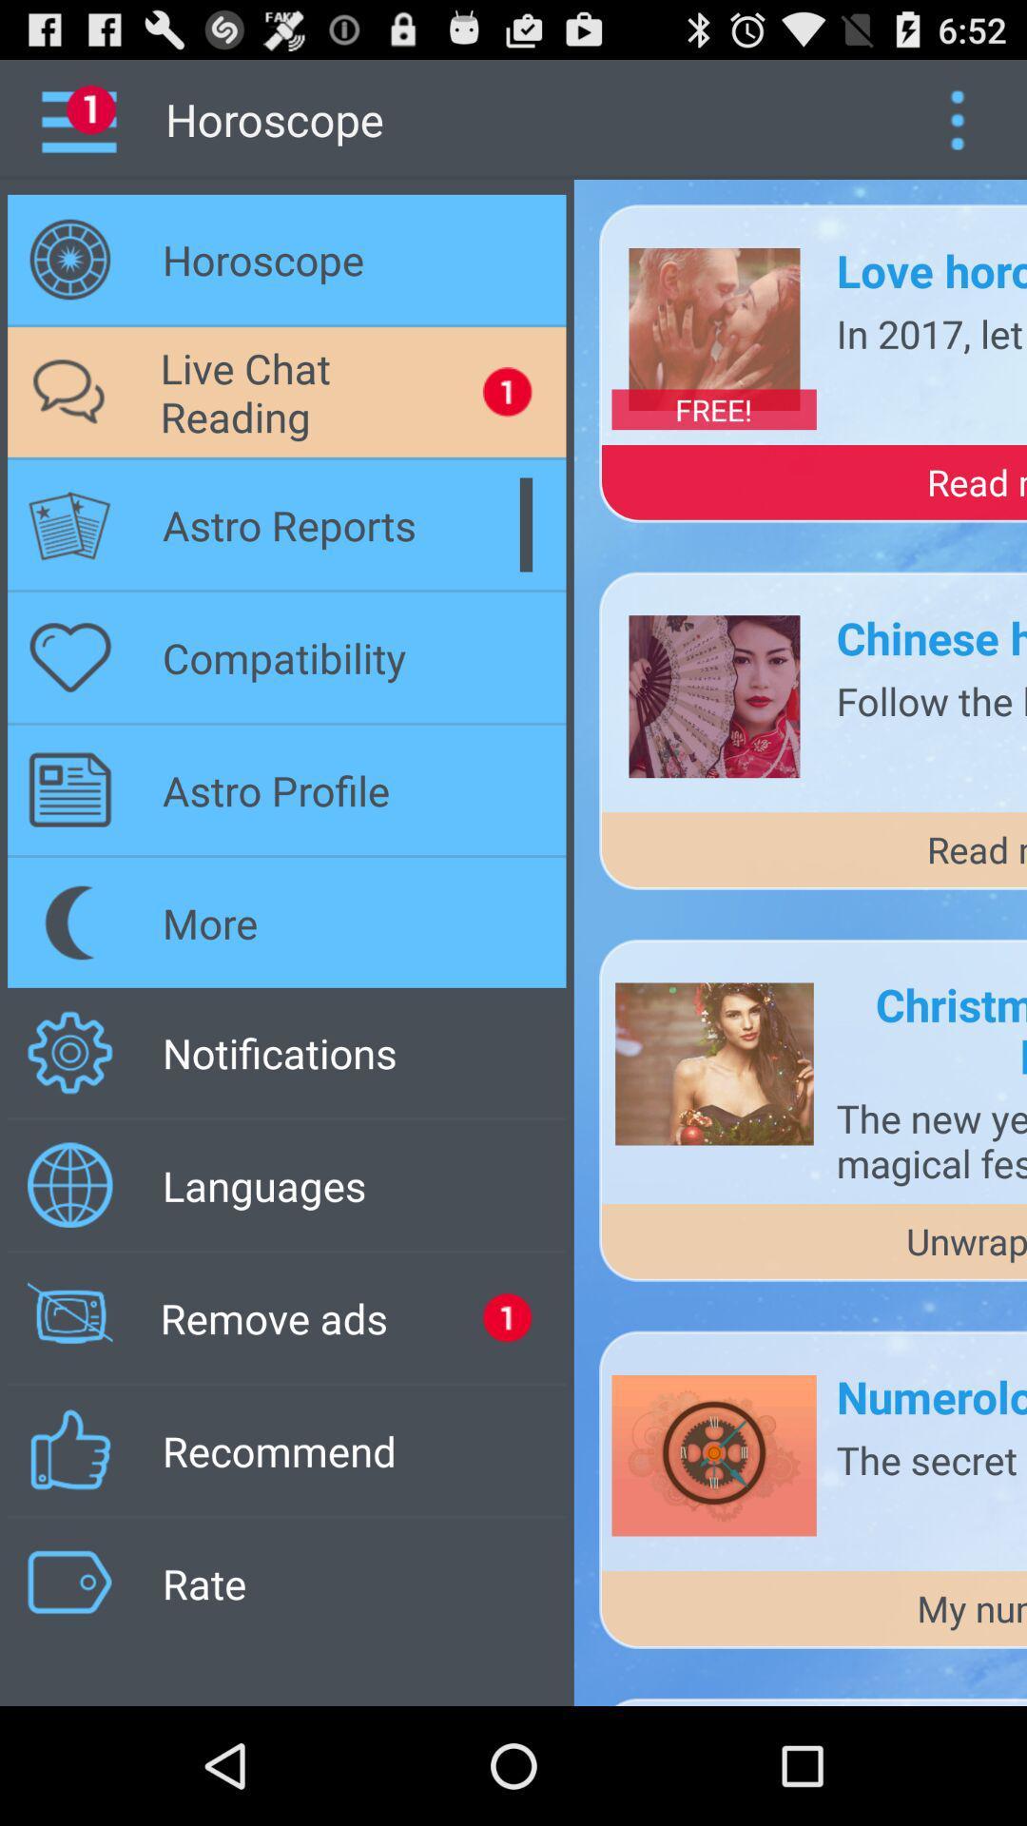 The image size is (1027, 1826). I want to click on the item below christmas and nye item, so click(930, 1140).